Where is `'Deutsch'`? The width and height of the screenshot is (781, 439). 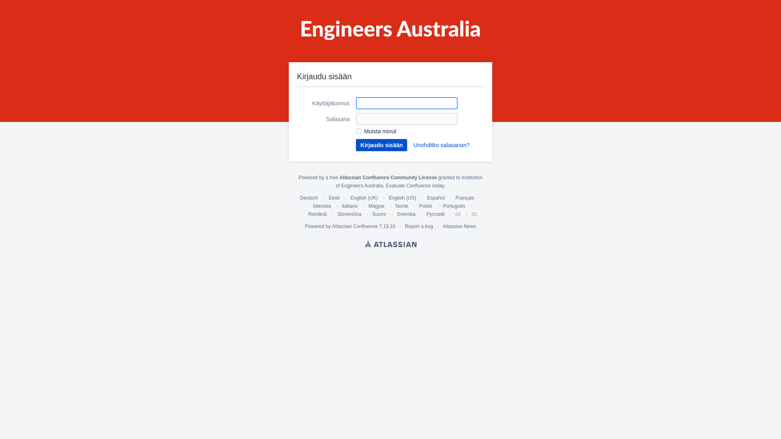
'Deutsch' is located at coordinates (308, 198).